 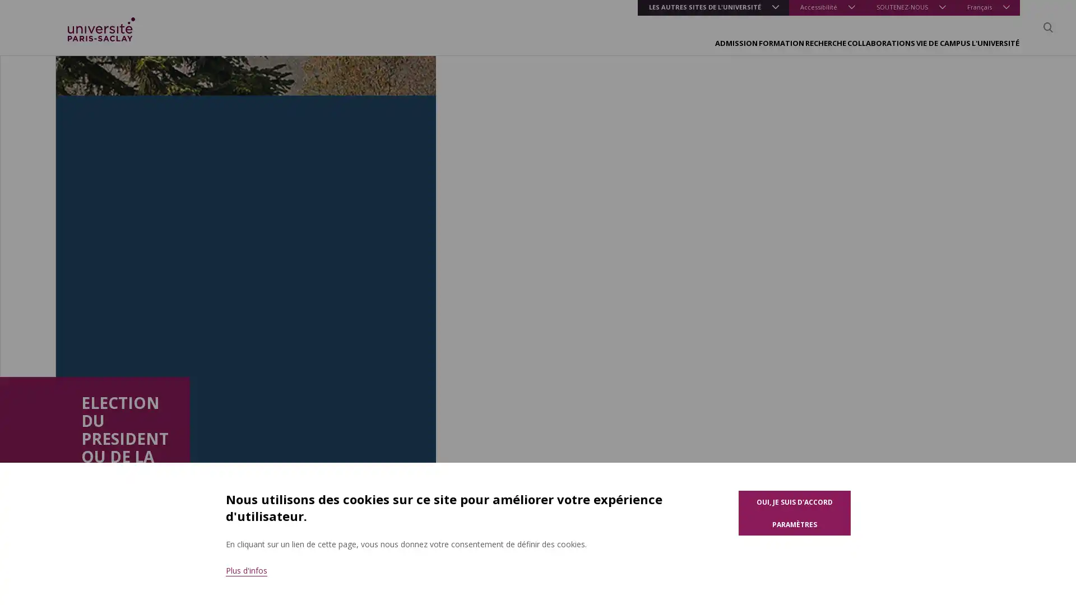 I want to click on FORMATION, so click(x=636, y=38).